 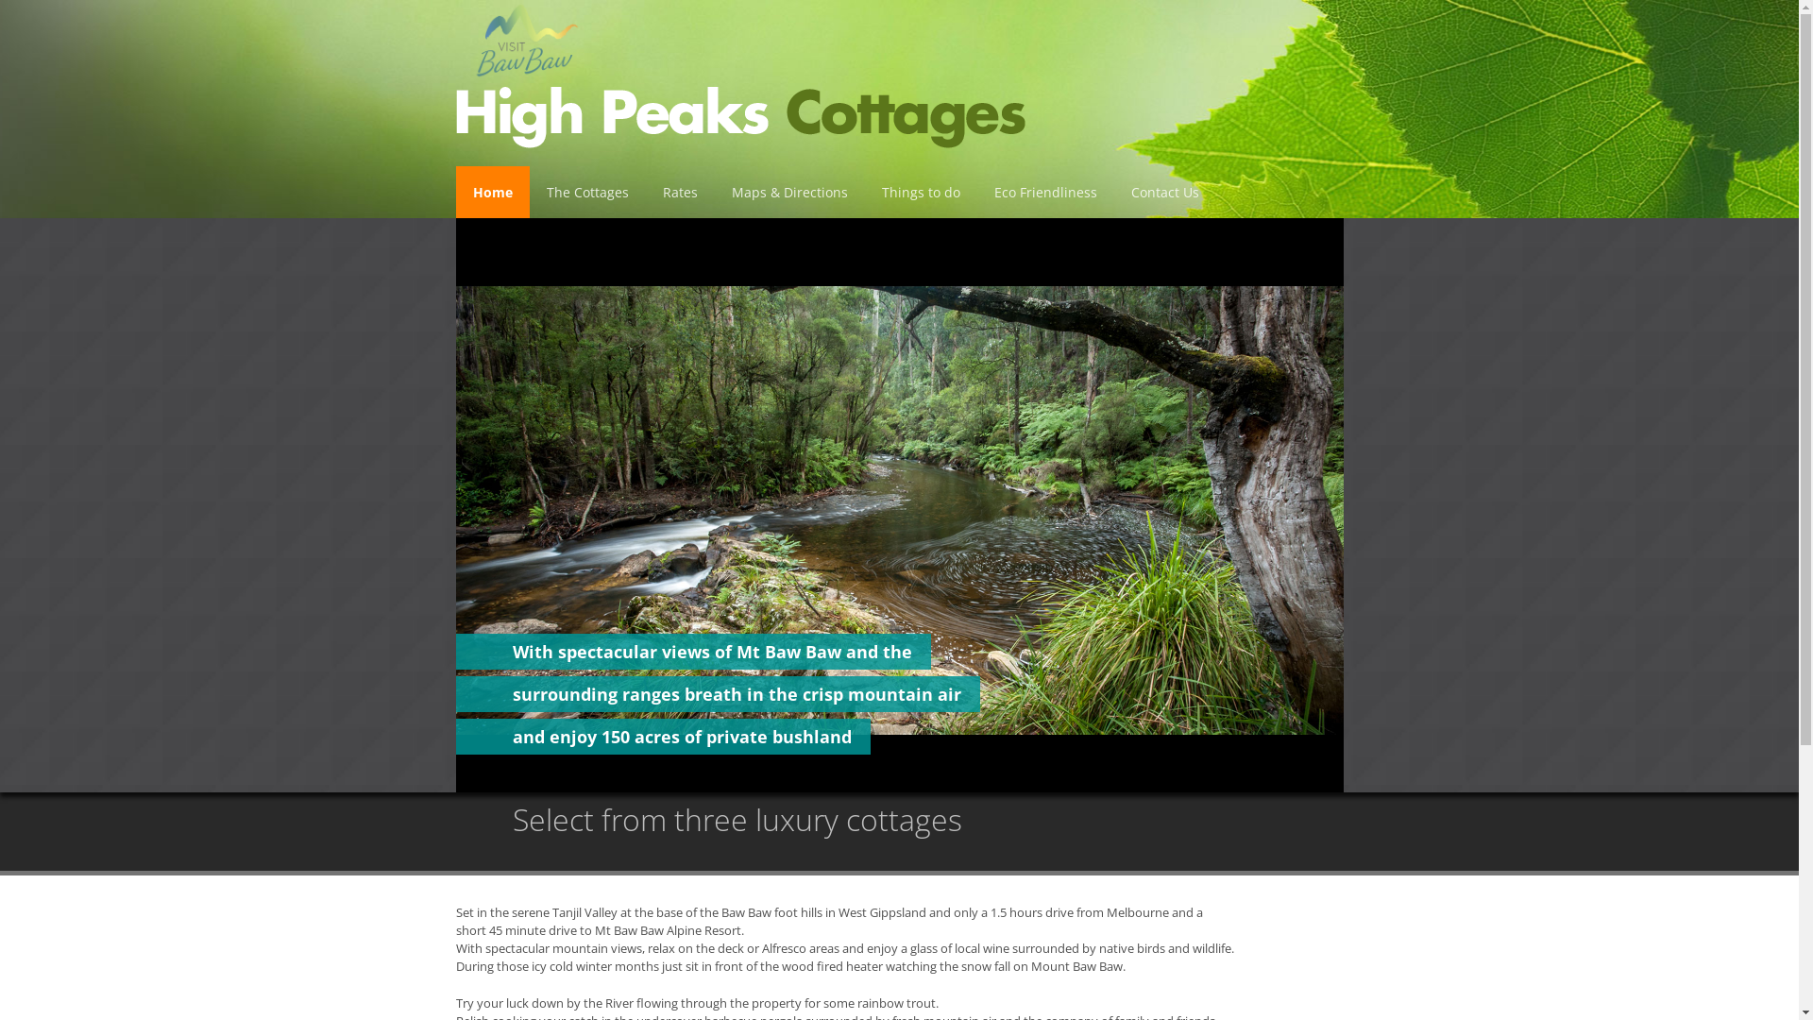 What do you see at coordinates (492, 192) in the screenshot?
I see `'Home'` at bounding box center [492, 192].